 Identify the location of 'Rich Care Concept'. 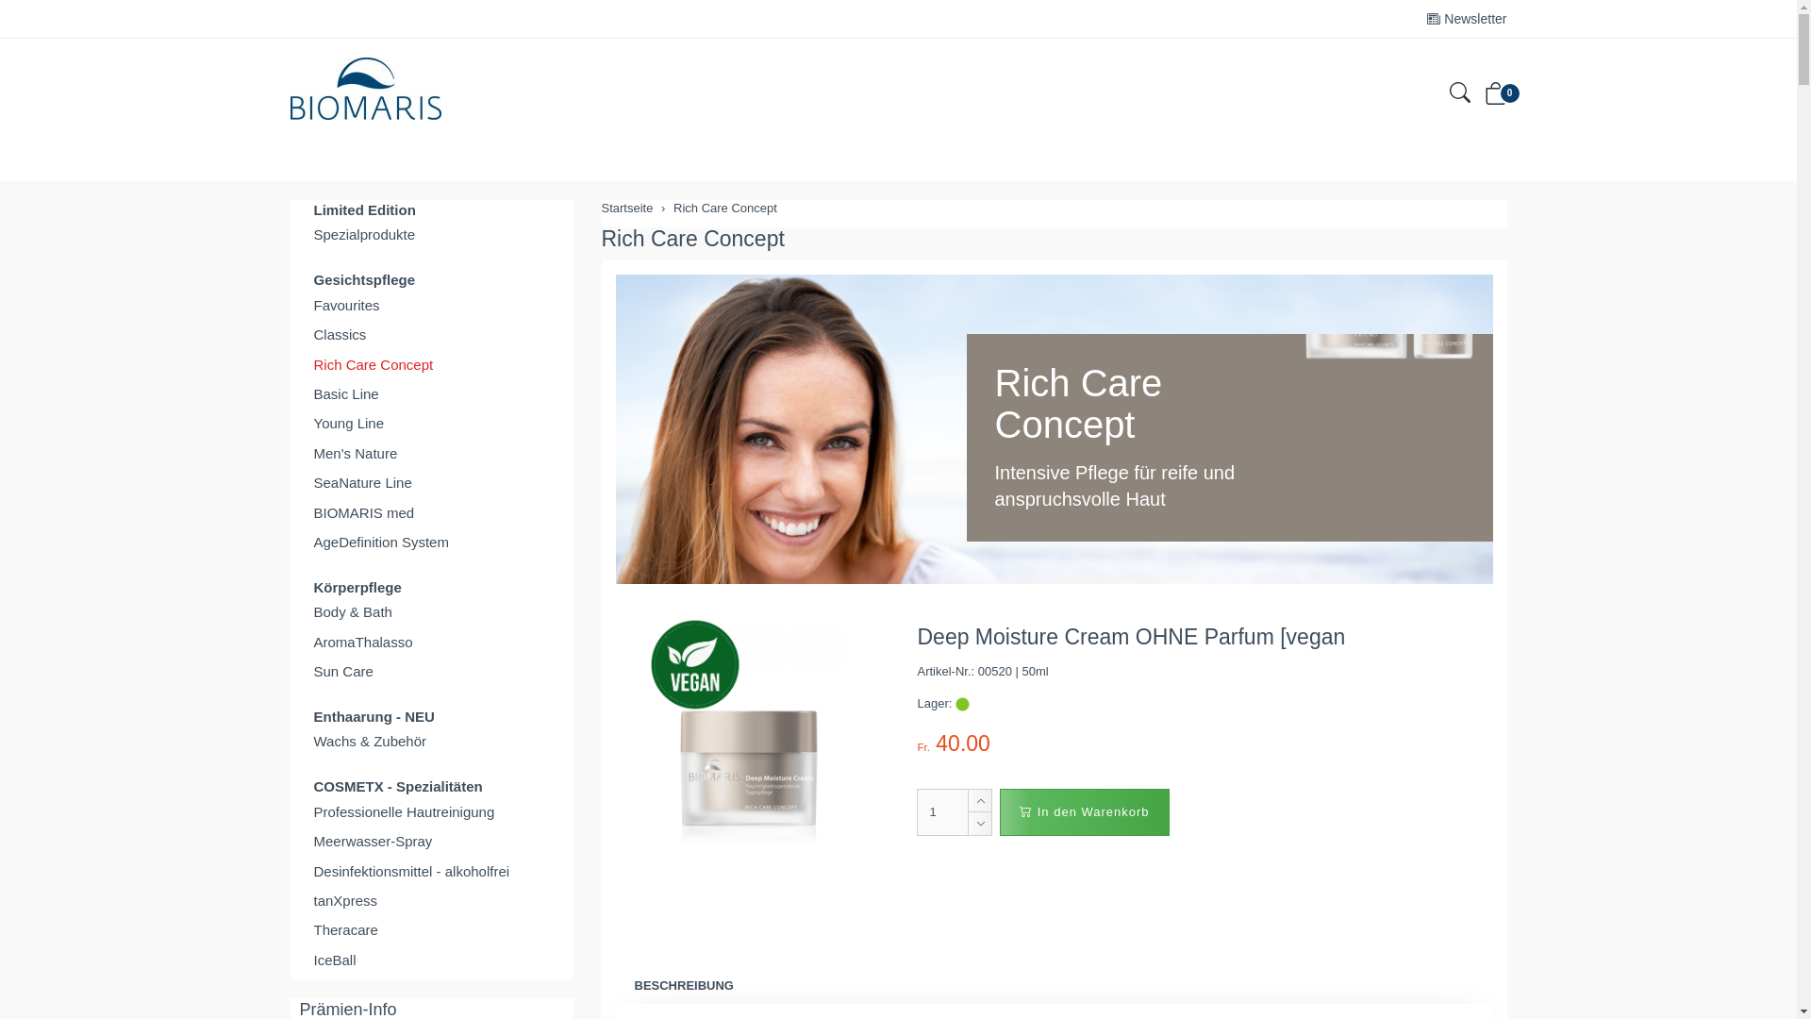
(430, 364).